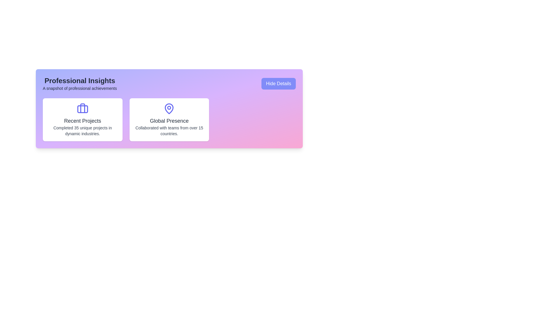 This screenshot has width=559, height=314. Describe the element at coordinates (278, 84) in the screenshot. I see `the 'Hide Details' button located in the top-right corner of the 'Professional Insights' section to change its background color` at that location.